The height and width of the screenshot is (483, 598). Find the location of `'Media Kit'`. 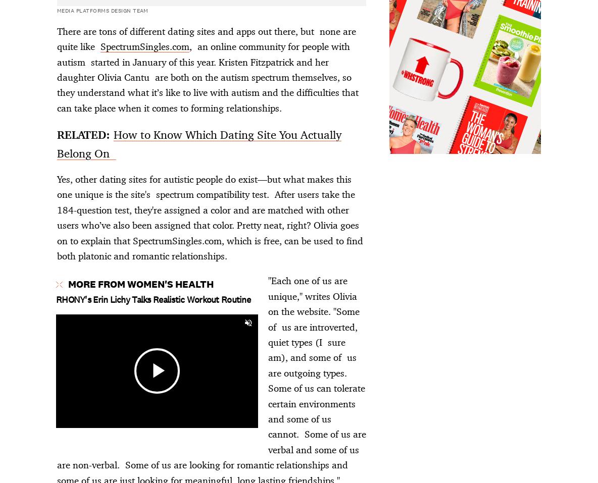

'Media Kit' is located at coordinates (34, 375).